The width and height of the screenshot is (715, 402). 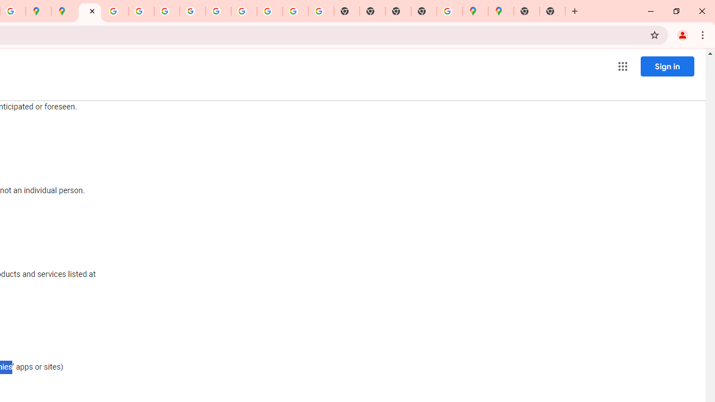 I want to click on 'New Tab', so click(x=526, y=11).